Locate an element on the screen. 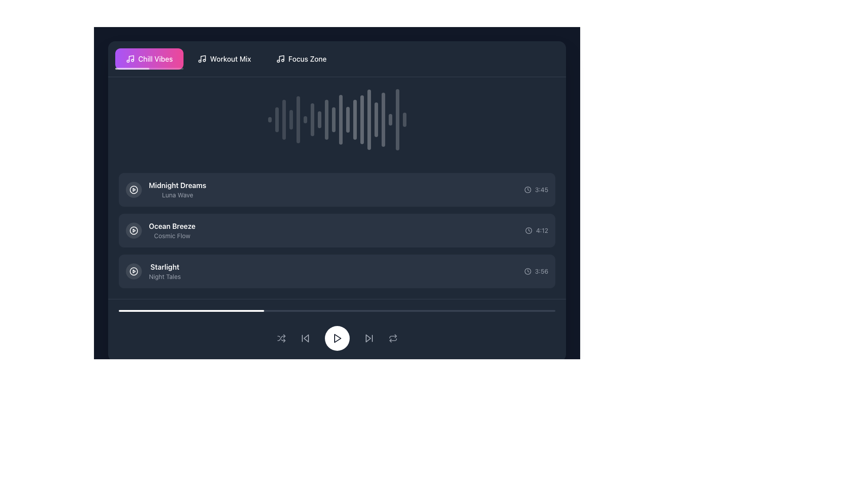 Image resolution: width=851 pixels, height=479 pixels. the 16th vertical bar representing the audio waveform in the audio visualization group, which is styled with subtle transparency and rounded edges is located at coordinates (376, 120).